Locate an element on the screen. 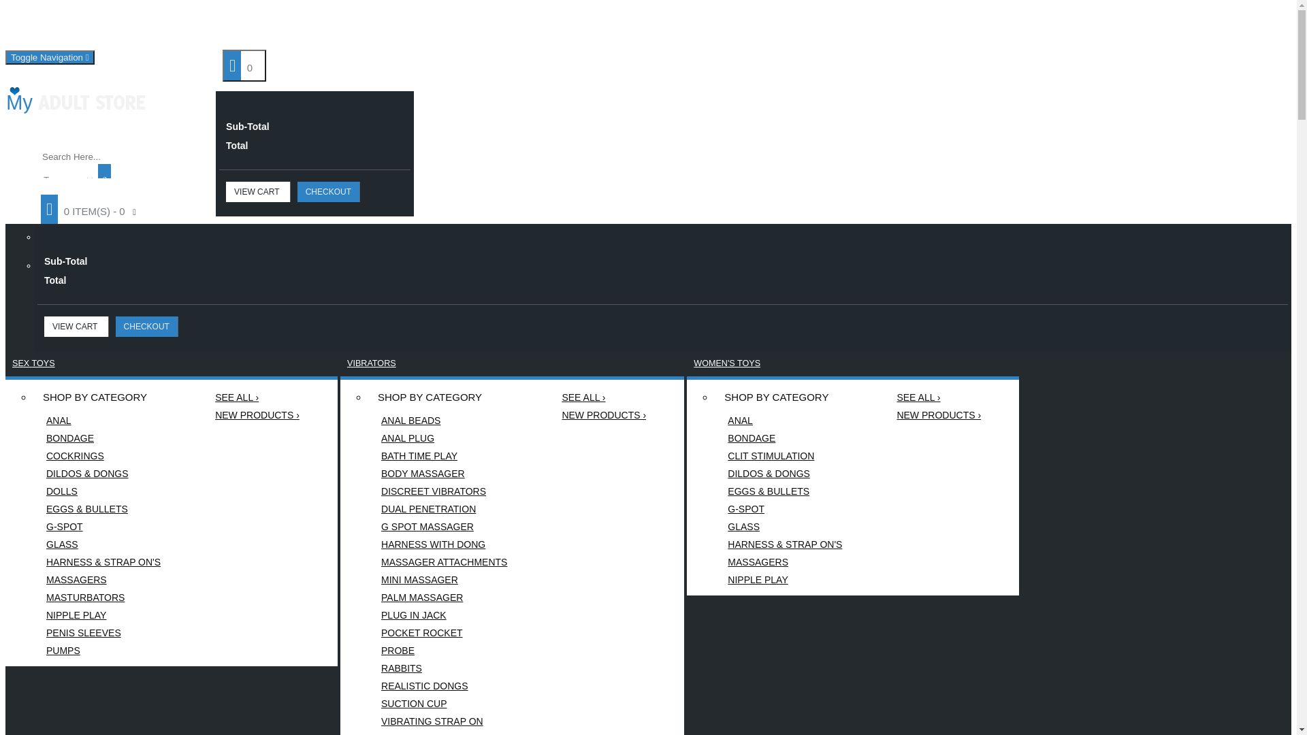 The height and width of the screenshot is (735, 1307). 'MASTURBATORS' is located at coordinates (103, 597).